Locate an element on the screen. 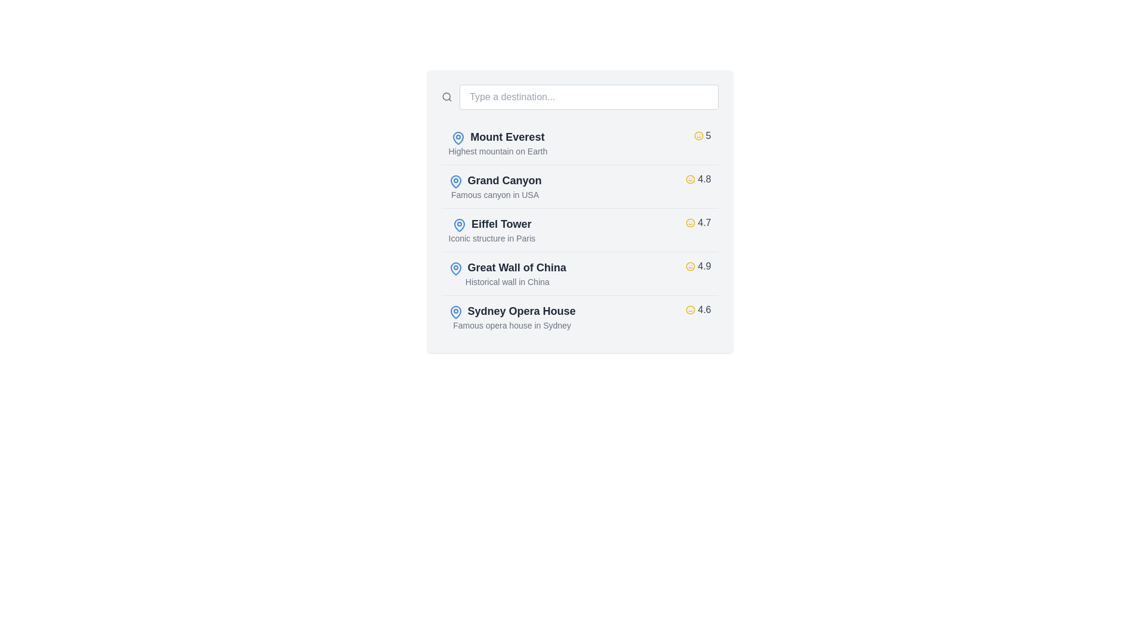 The width and height of the screenshot is (1146, 644). numeric rating value displayed in the Rating Indicator located to the right of 'Grand Canyon' in the second row of the list is located at coordinates (698, 179).